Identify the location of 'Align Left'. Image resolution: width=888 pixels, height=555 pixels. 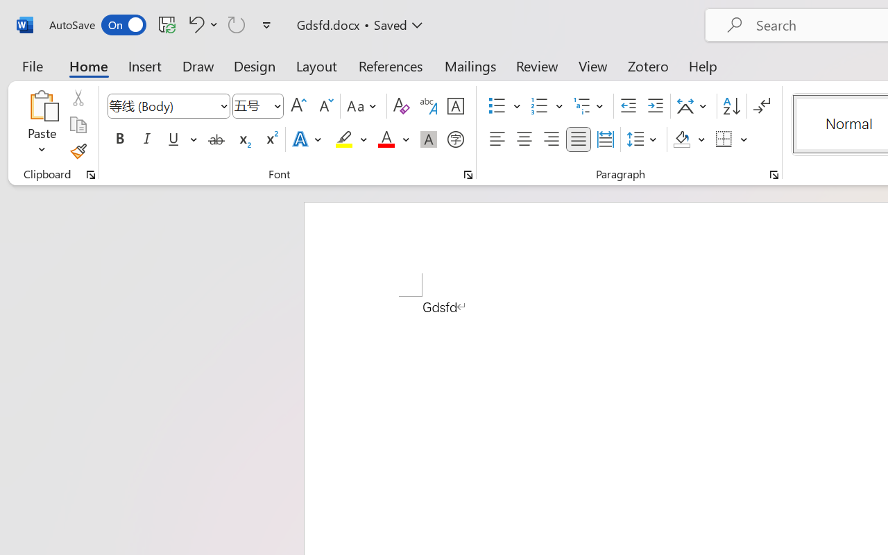
(497, 139).